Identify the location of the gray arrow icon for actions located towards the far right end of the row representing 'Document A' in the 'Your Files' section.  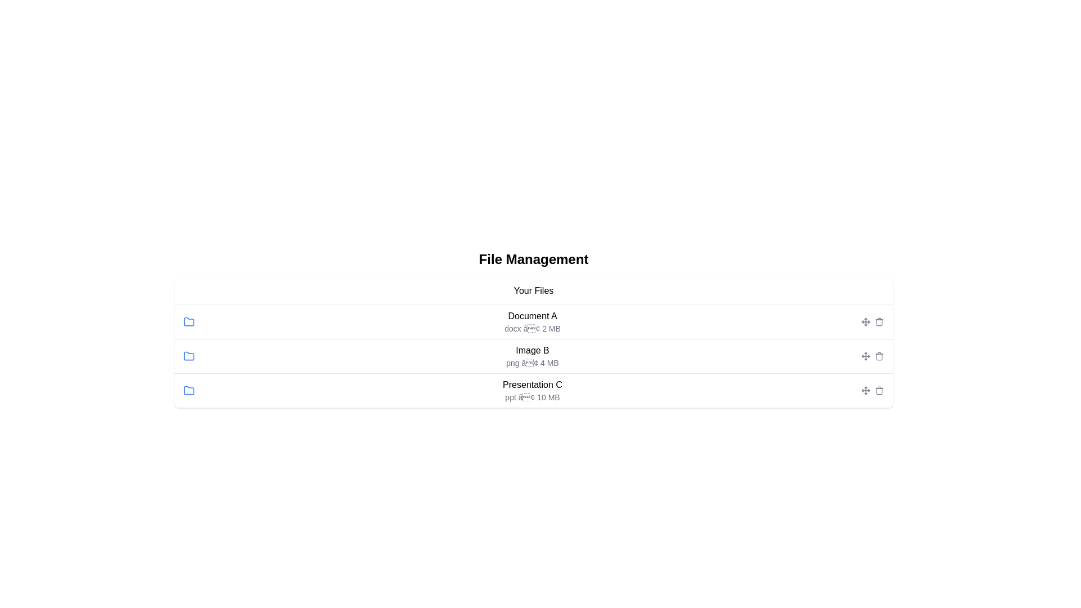
(872, 321).